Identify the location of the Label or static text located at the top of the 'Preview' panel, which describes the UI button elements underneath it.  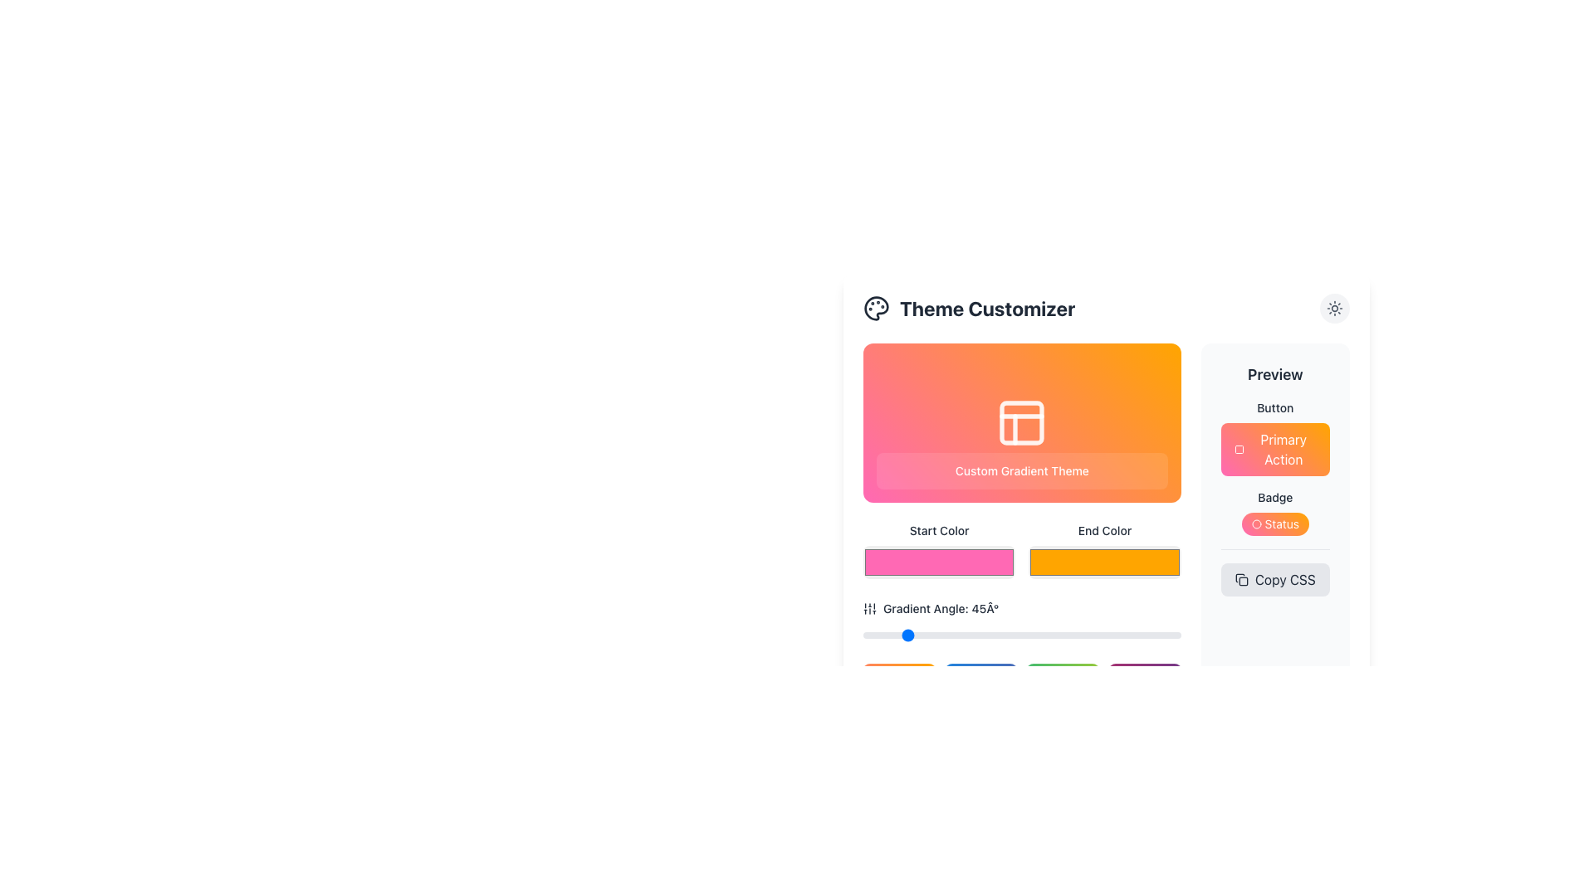
(1274, 408).